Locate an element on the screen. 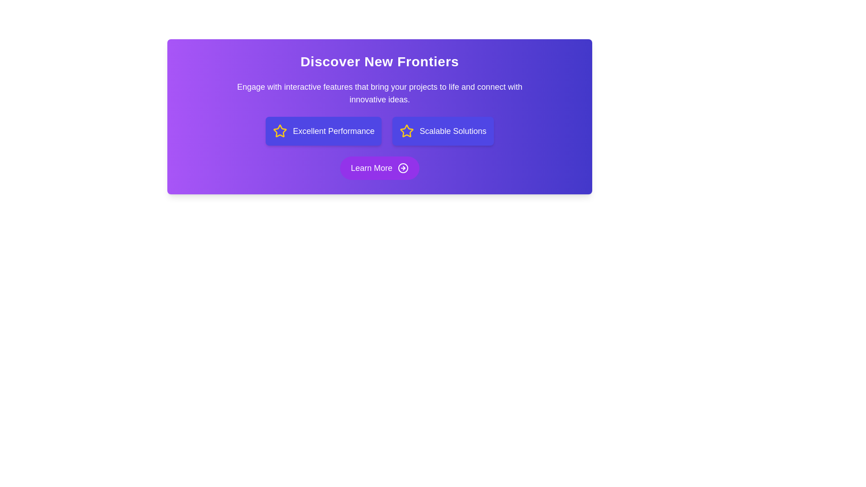 The width and height of the screenshot is (866, 487). the star icon located on the left side inside the blue card labeled 'Excellent Performance', which is positioned in the top-left corner beneath the heading 'Discover New Frontiers' is located at coordinates (280, 131).